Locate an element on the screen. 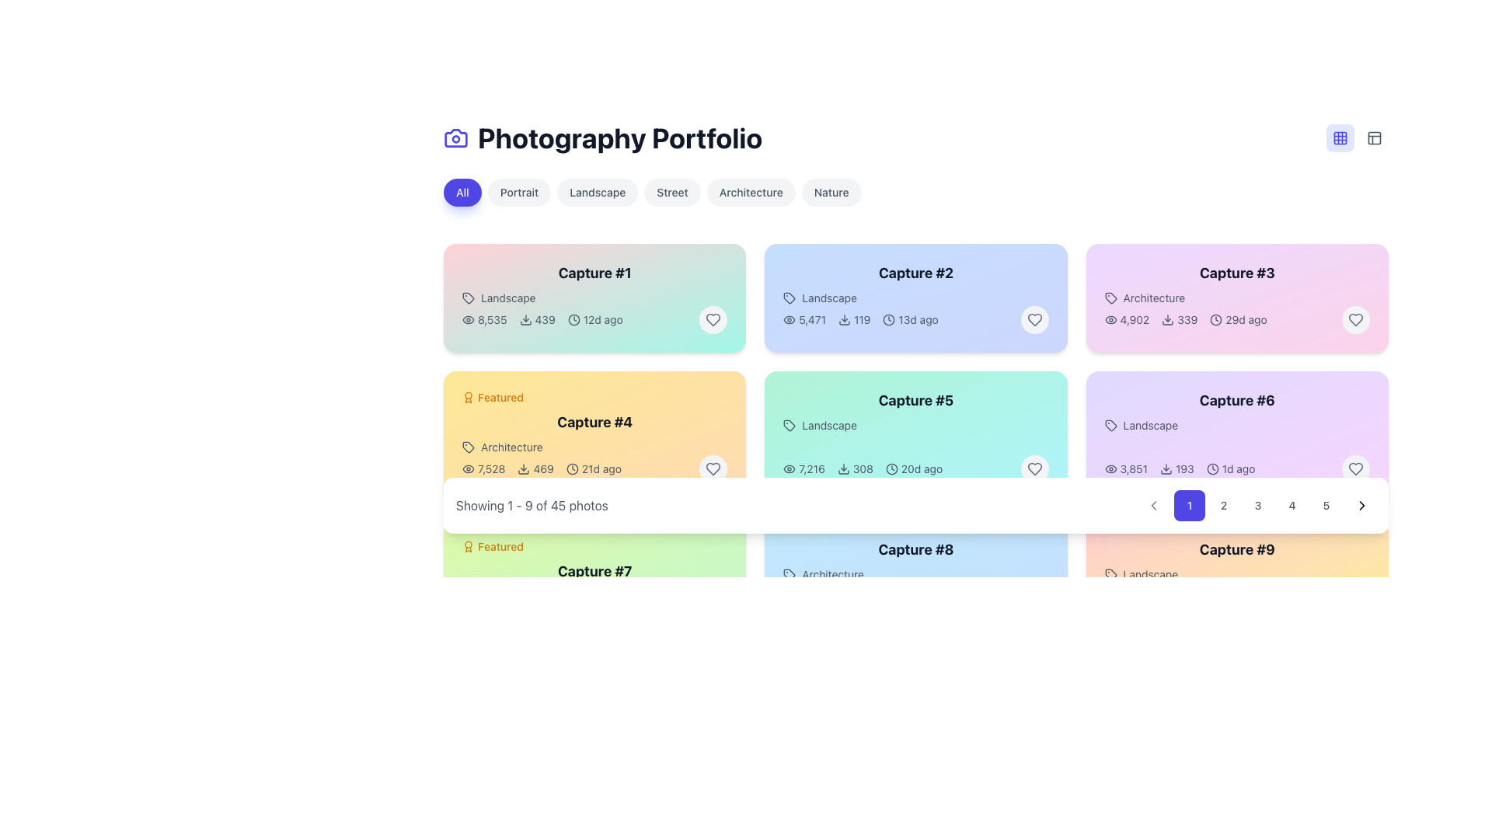  Timestamp indicator icon, which includes a clock icon and the text '21d ago' within the photo card labeled 'Capture #4' is located at coordinates (593, 468).